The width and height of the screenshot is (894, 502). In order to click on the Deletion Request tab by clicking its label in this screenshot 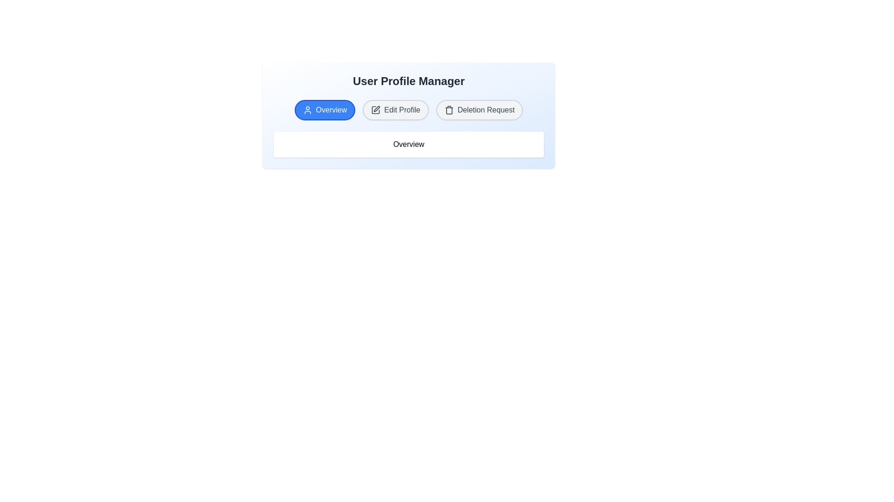, I will do `click(480, 109)`.